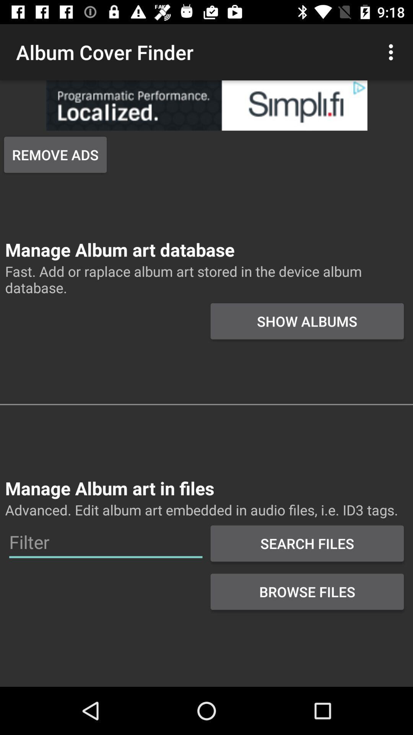 The image size is (413, 735). I want to click on specify filter for searching album art in files, so click(106, 542).